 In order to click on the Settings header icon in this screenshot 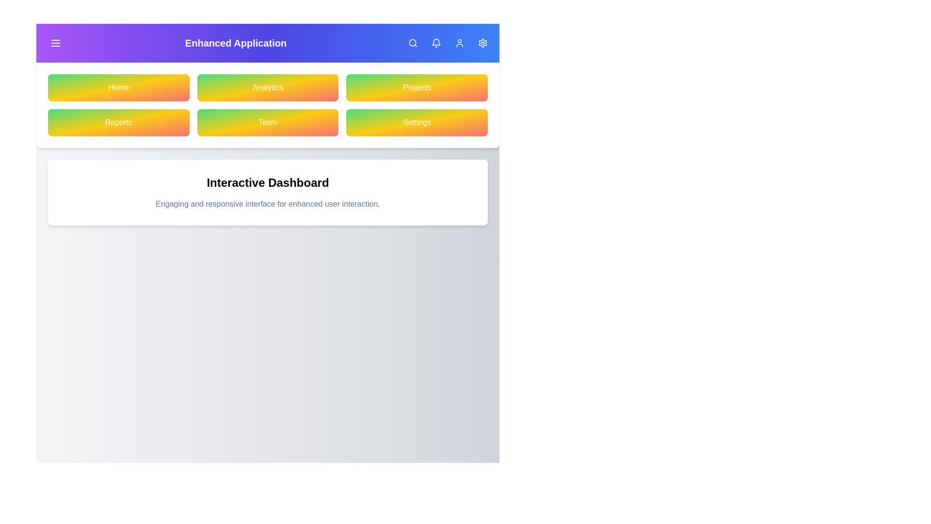, I will do `click(483, 42)`.